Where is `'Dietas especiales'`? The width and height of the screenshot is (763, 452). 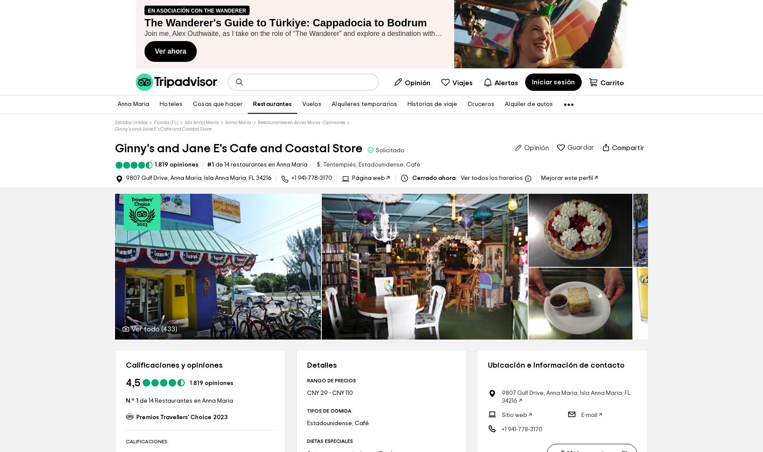 'Dietas especiales' is located at coordinates (306, 441).